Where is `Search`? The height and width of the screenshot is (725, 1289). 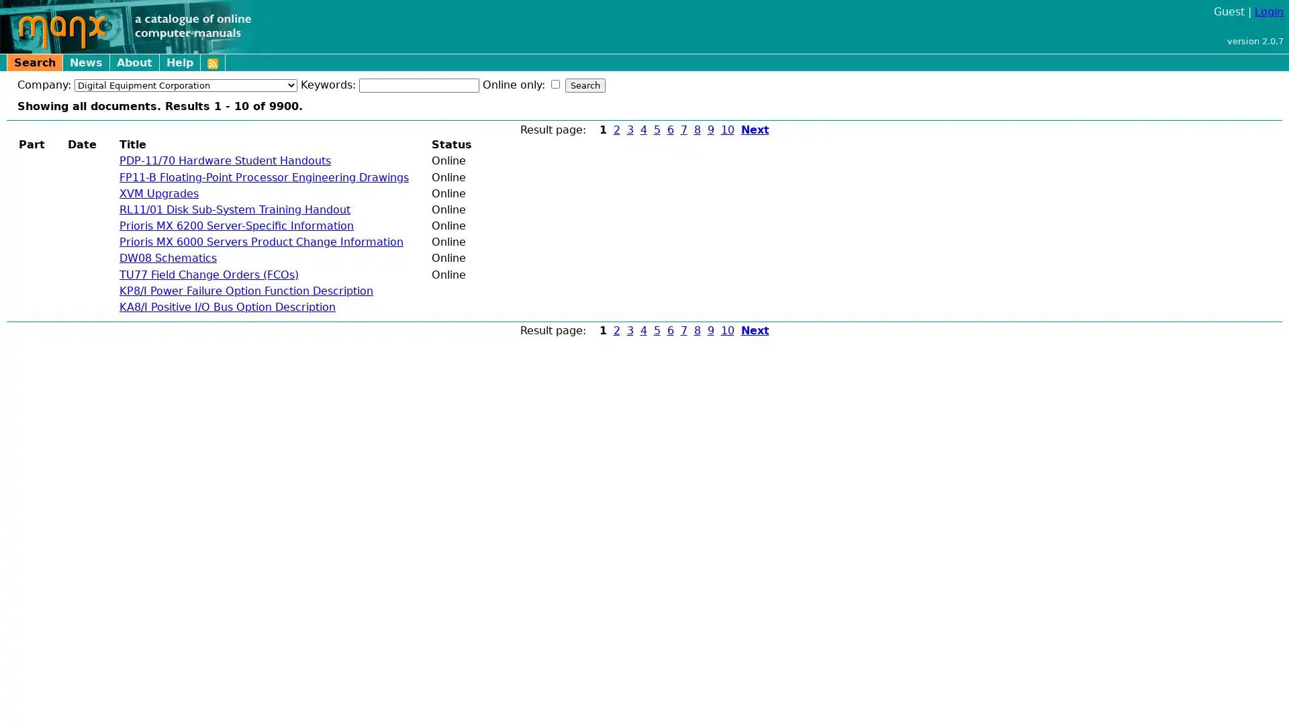 Search is located at coordinates (585, 85).